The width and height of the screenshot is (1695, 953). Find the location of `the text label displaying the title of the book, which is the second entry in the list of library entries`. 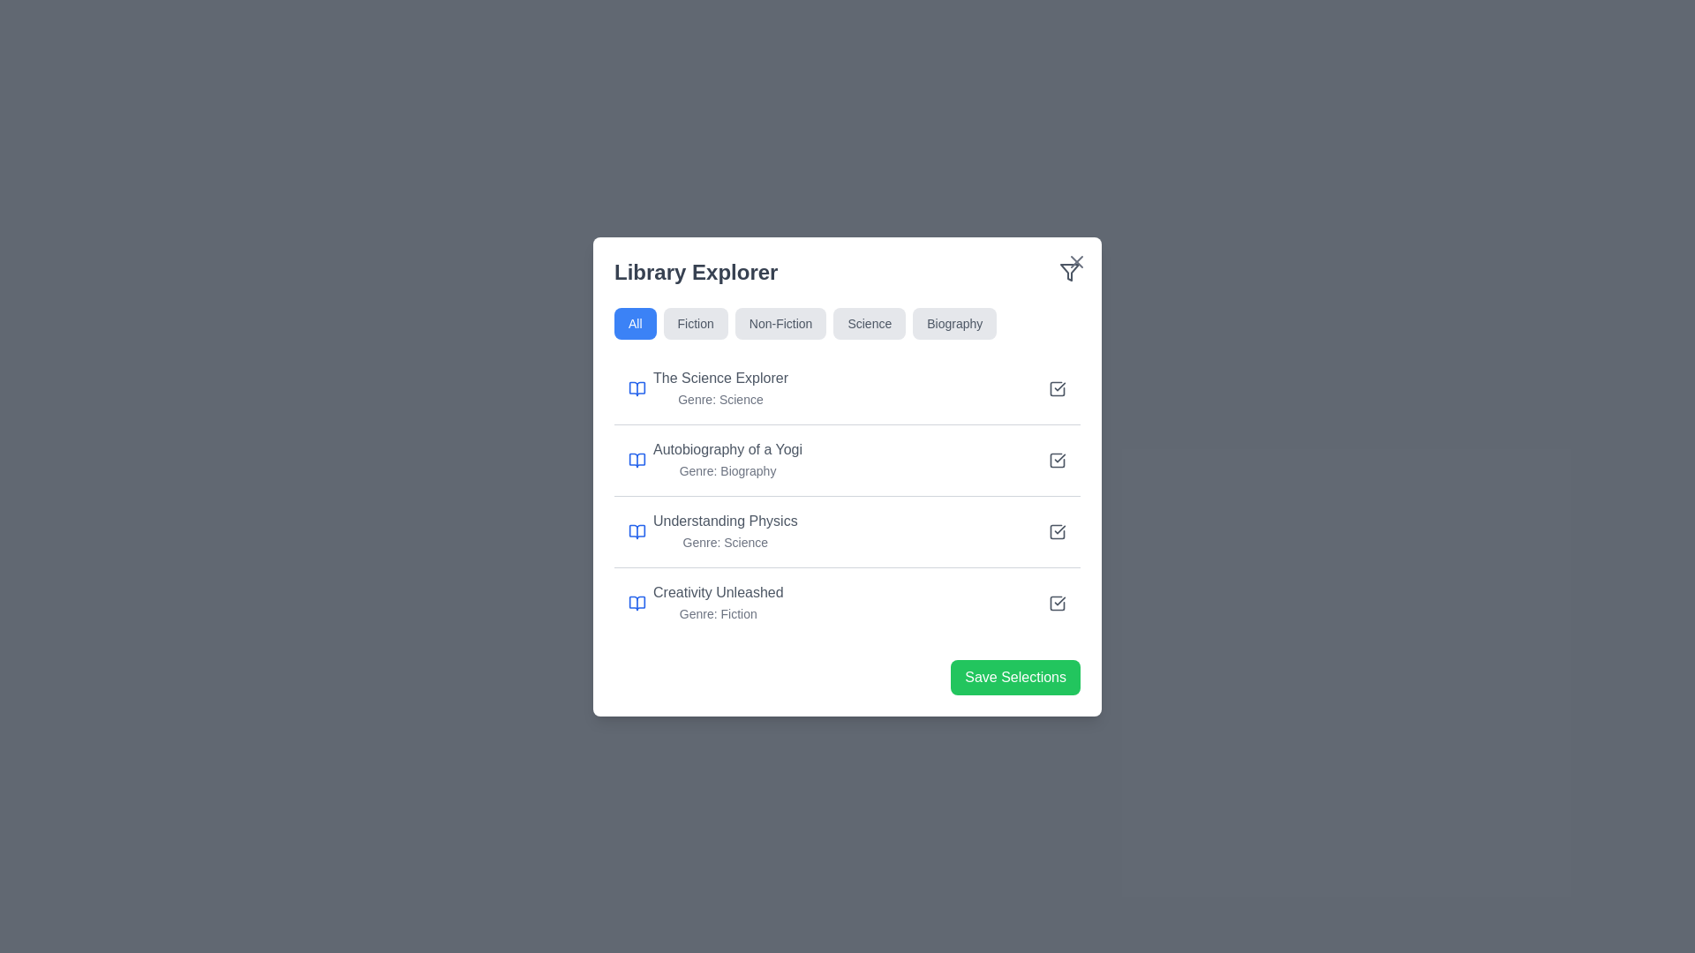

the text label displaying the title of the book, which is the second entry in the list of library entries is located at coordinates (727, 448).